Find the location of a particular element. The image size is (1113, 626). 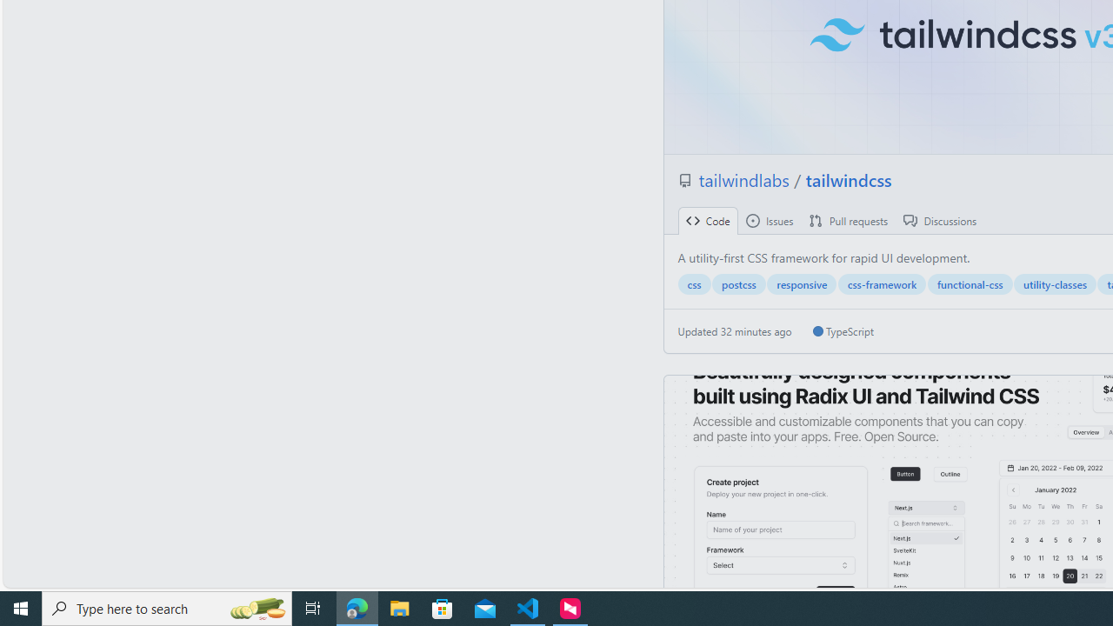

' Code' is located at coordinates (708, 220).